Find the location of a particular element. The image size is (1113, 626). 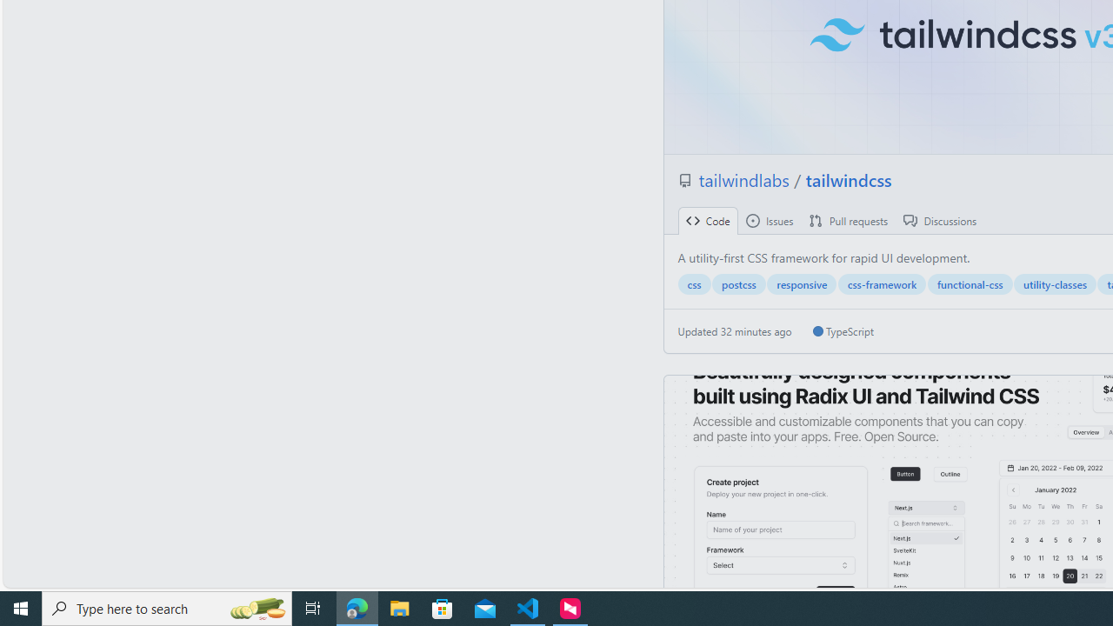

' Code' is located at coordinates (708, 220).